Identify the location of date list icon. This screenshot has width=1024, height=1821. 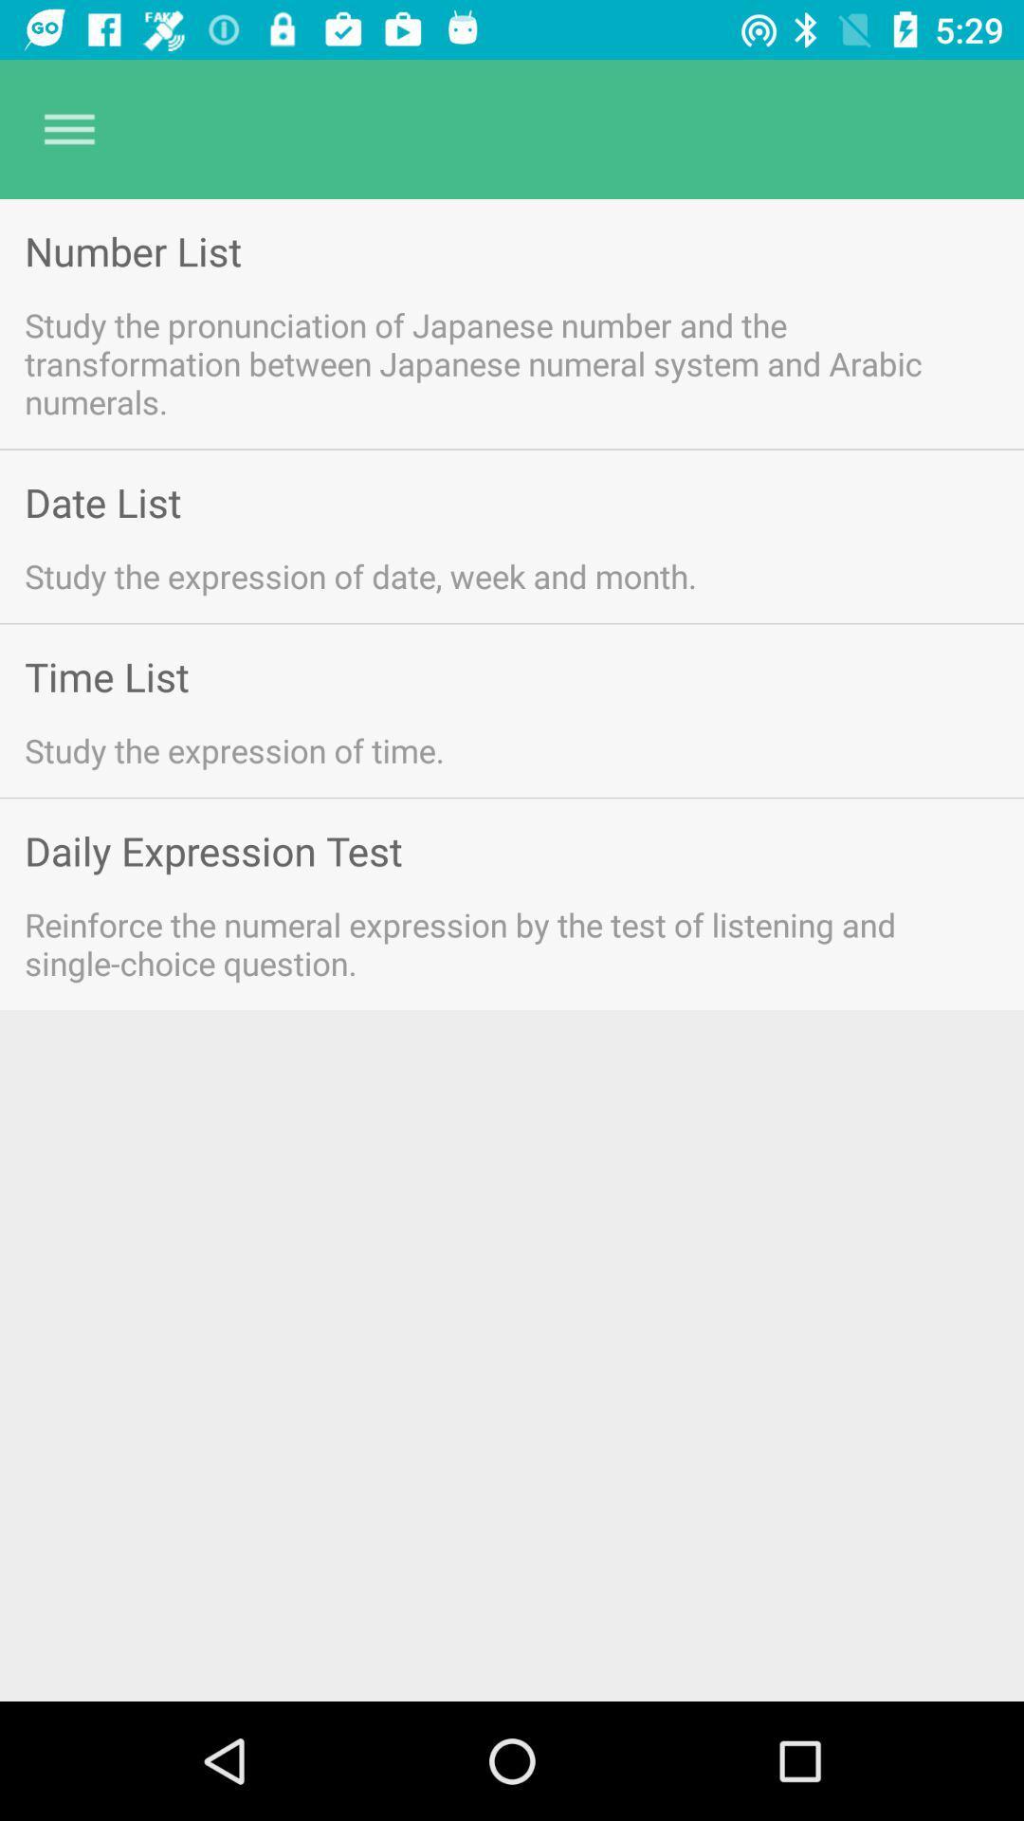
(102, 502).